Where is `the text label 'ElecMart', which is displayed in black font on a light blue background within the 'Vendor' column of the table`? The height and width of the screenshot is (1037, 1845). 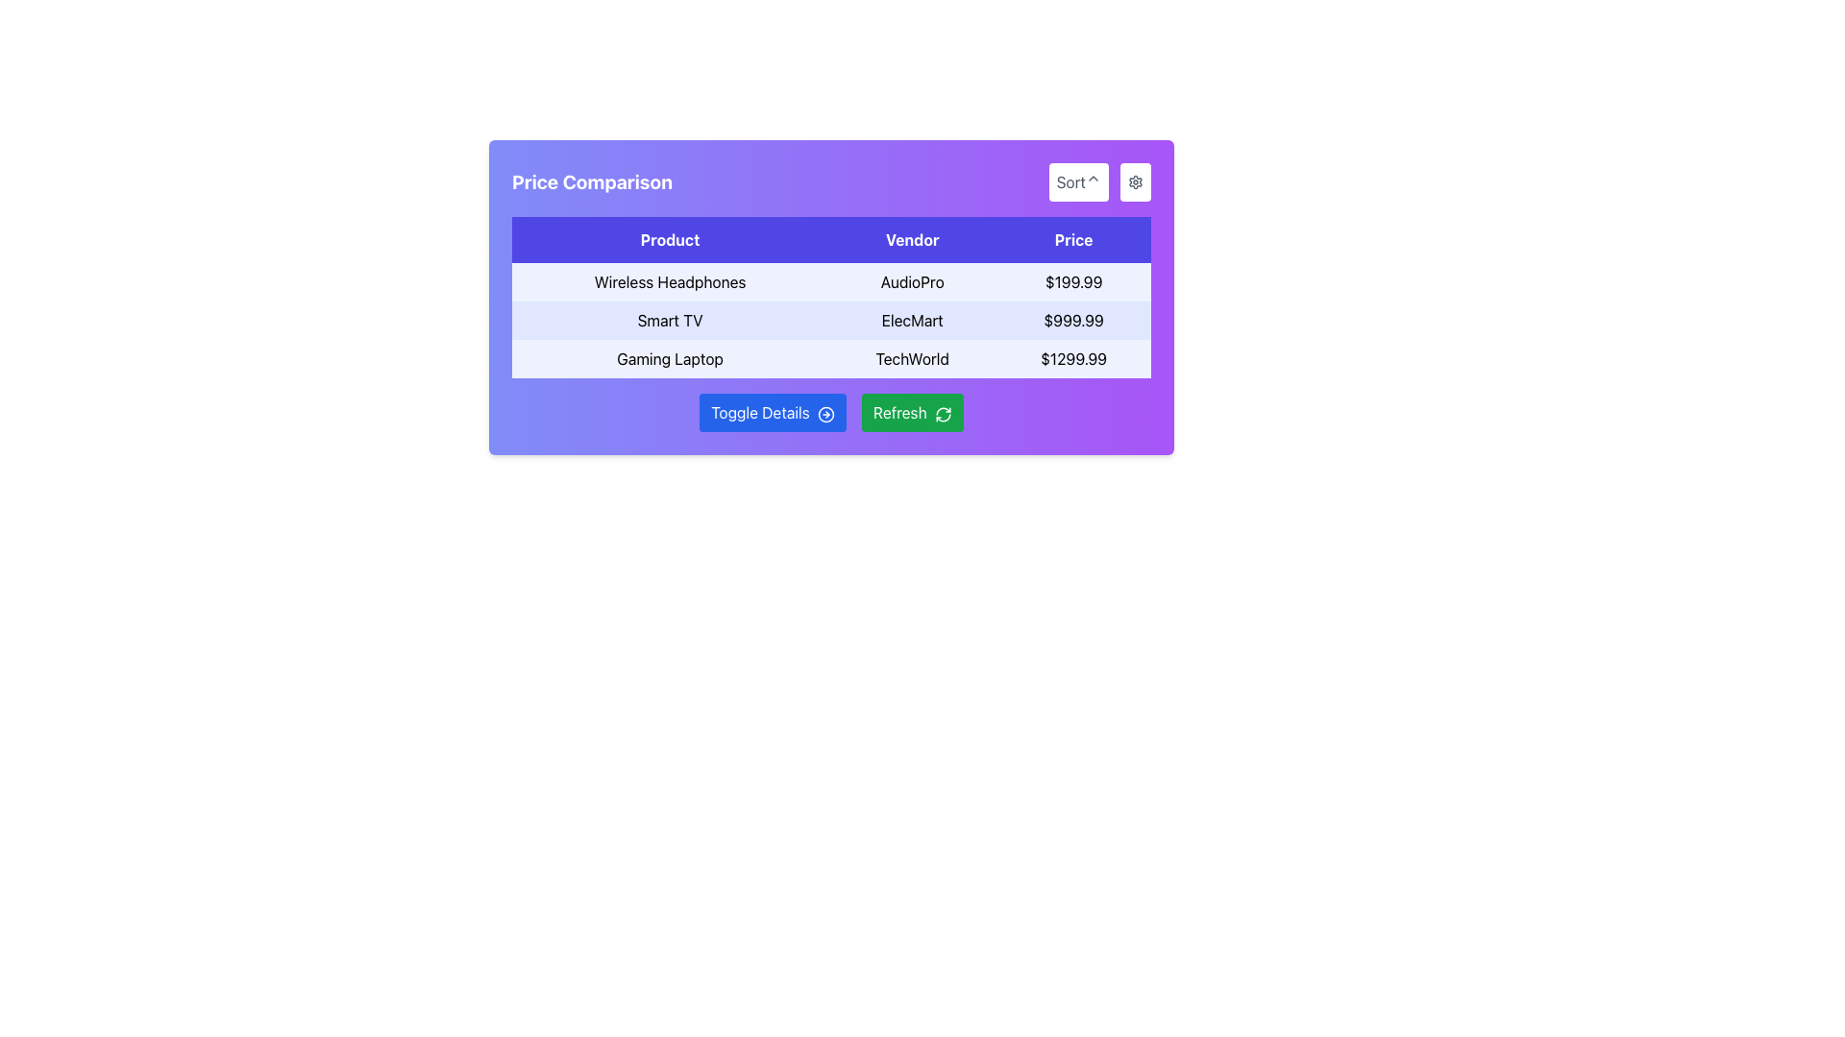 the text label 'ElecMart', which is displayed in black font on a light blue background within the 'Vendor' column of the table is located at coordinates (911, 320).